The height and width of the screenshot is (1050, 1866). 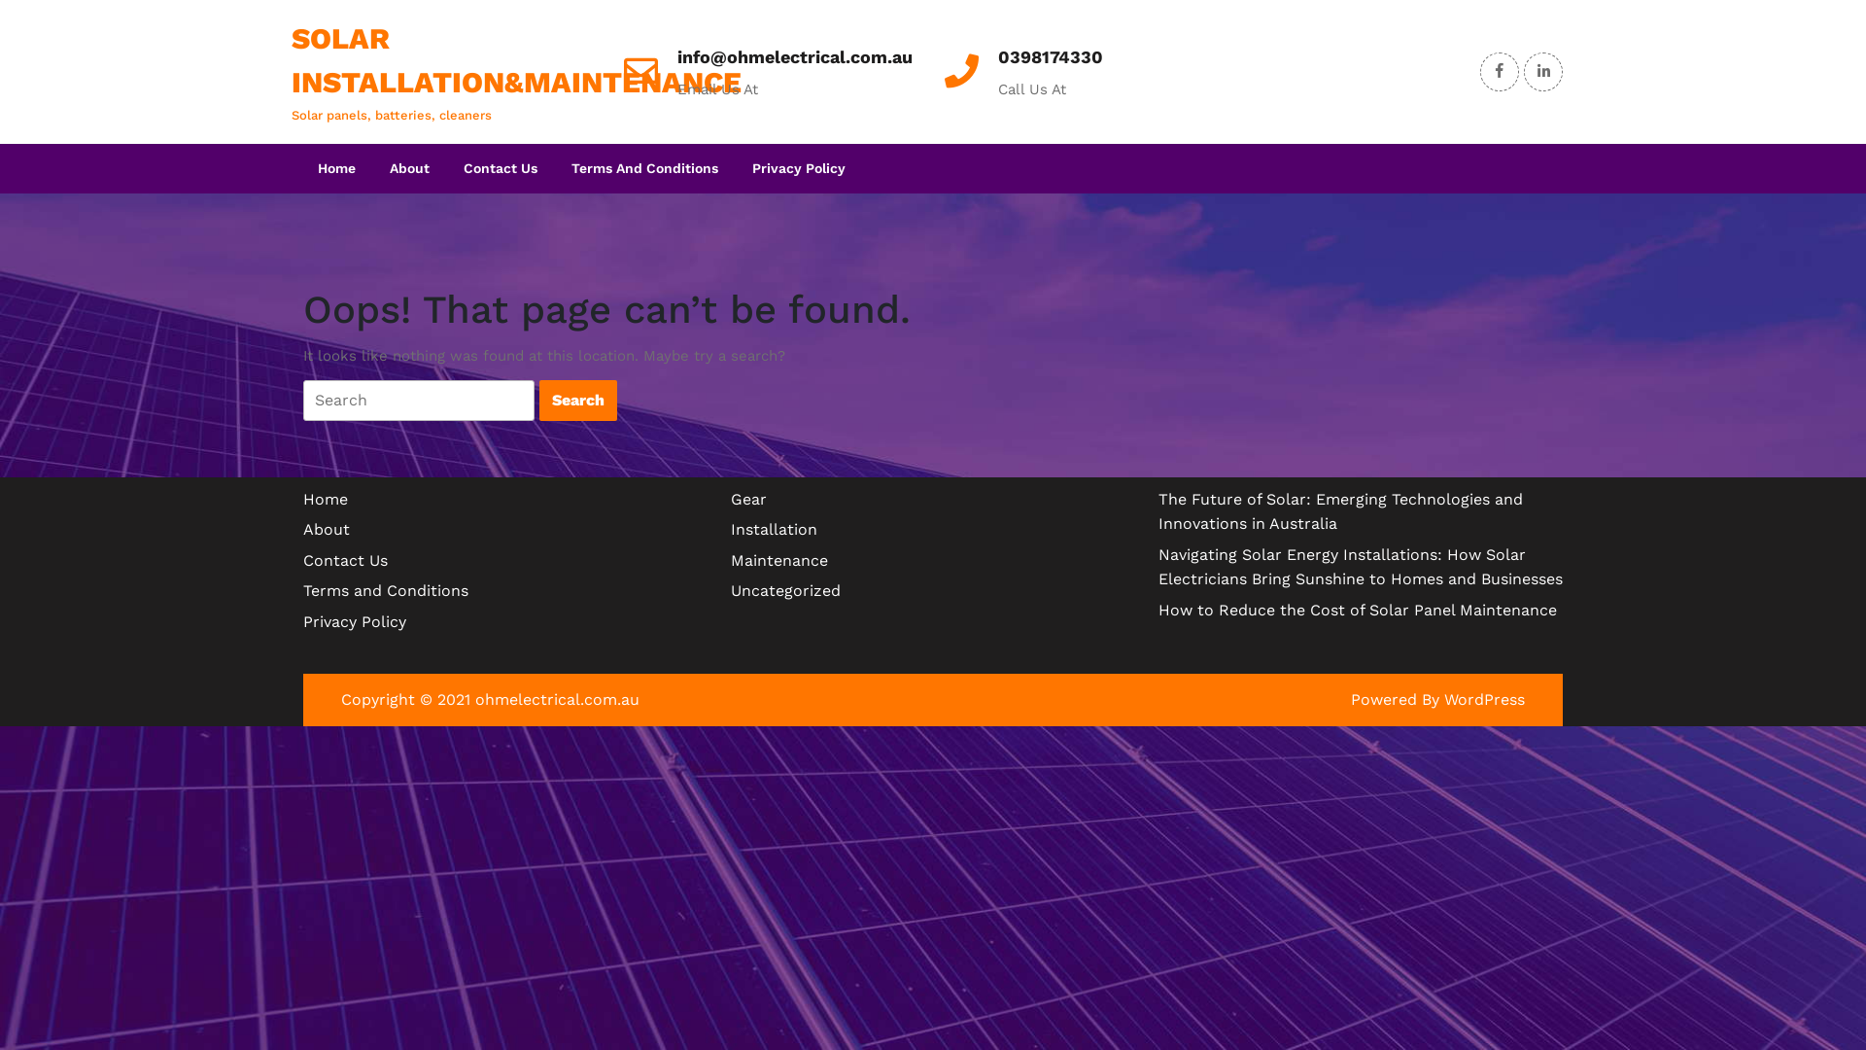 What do you see at coordinates (785, 589) in the screenshot?
I see `'Uncategorized'` at bounding box center [785, 589].